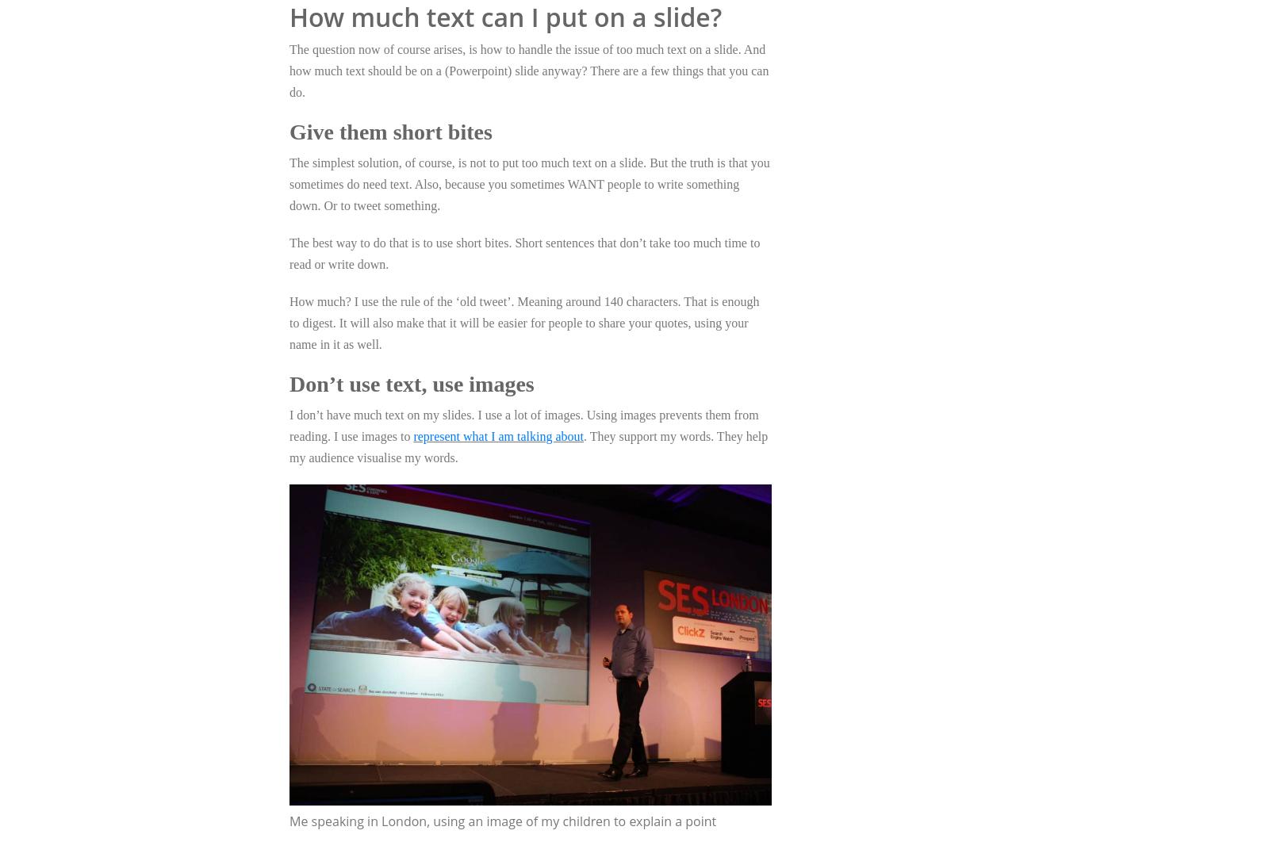 The width and height of the screenshot is (1269, 842). I want to click on 'Give them short bites', so click(389, 132).